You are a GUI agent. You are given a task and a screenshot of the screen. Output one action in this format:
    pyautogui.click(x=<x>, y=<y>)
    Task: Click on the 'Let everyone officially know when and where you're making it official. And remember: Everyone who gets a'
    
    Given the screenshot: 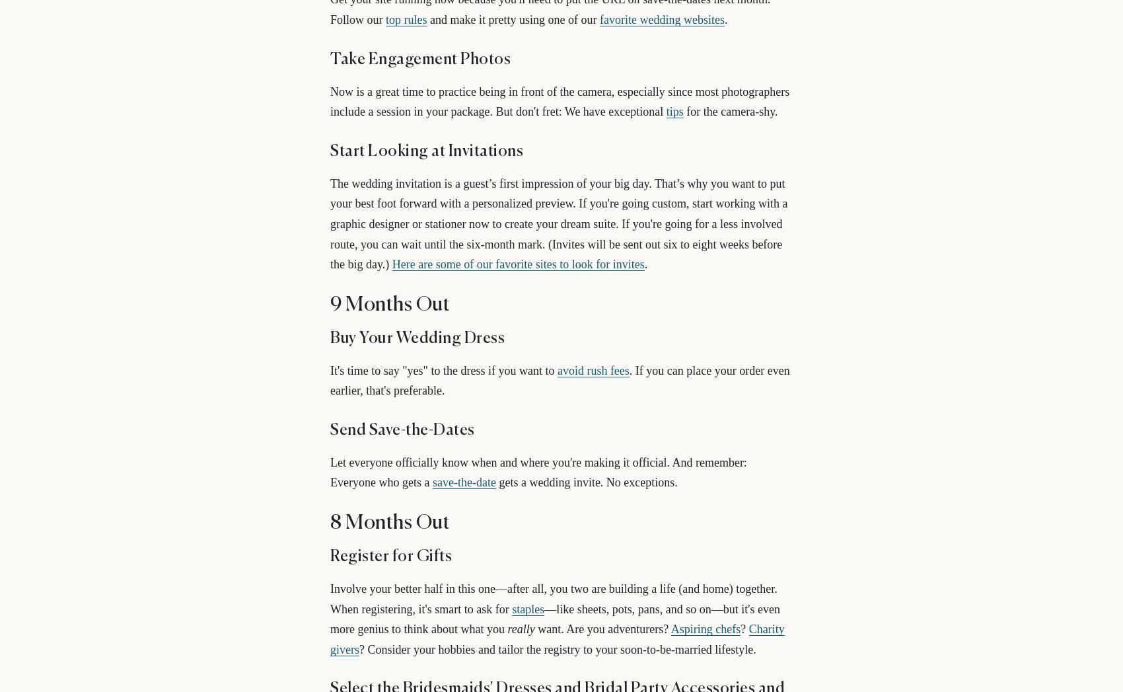 What is the action you would take?
    pyautogui.click(x=330, y=471)
    